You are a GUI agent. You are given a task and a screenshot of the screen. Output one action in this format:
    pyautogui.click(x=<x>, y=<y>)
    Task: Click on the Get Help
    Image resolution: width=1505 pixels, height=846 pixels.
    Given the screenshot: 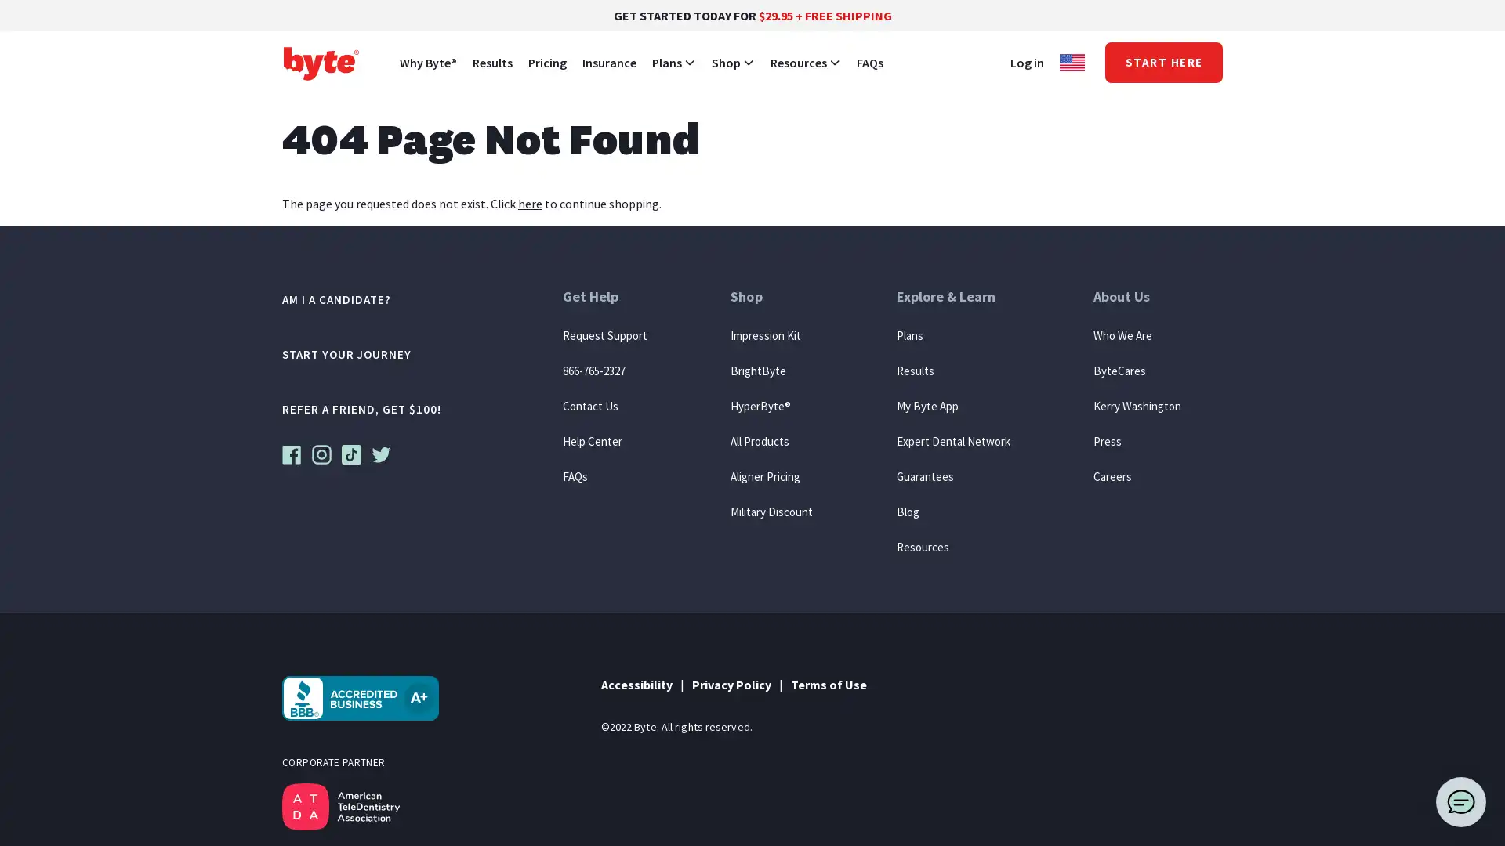 What is the action you would take?
    pyautogui.click(x=604, y=305)
    